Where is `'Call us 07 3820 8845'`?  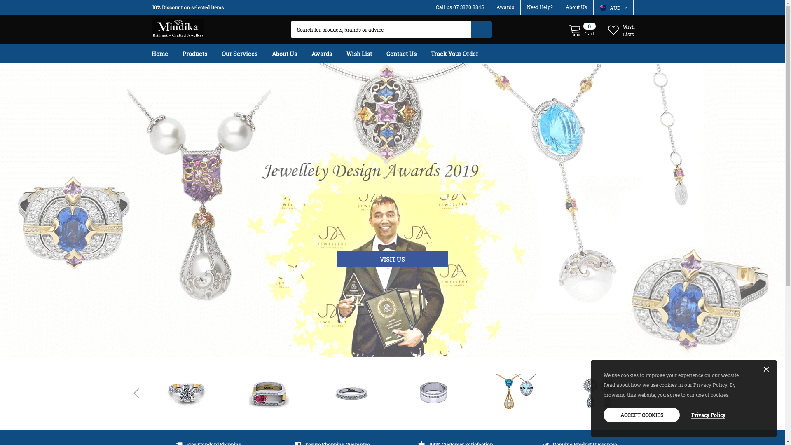 'Call us 07 3820 8845' is located at coordinates (459, 7).